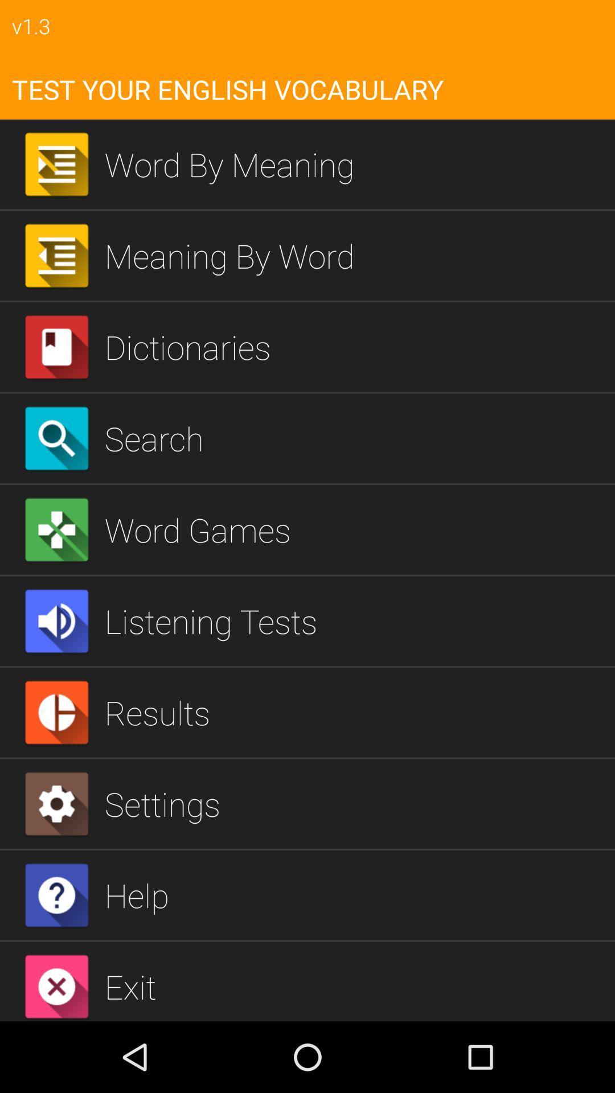 The width and height of the screenshot is (615, 1093). What do you see at coordinates (355, 621) in the screenshot?
I see `listening tests` at bounding box center [355, 621].